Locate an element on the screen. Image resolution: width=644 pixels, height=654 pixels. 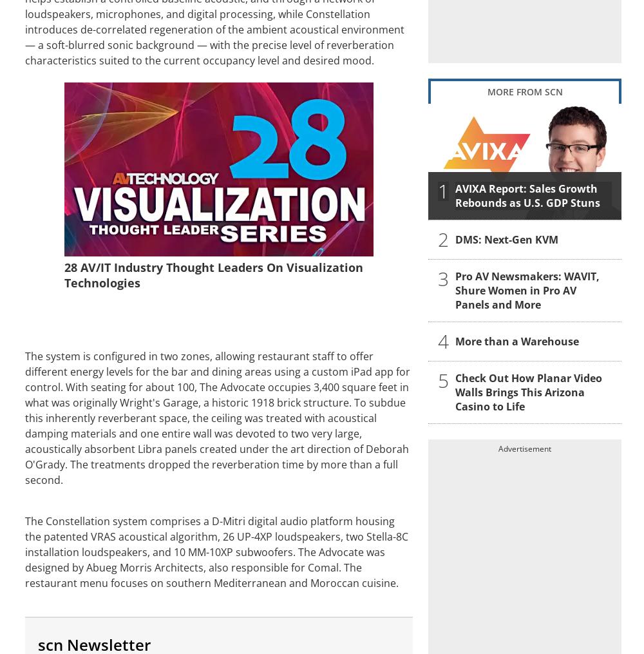
'3' is located at coordinates (443, 278).